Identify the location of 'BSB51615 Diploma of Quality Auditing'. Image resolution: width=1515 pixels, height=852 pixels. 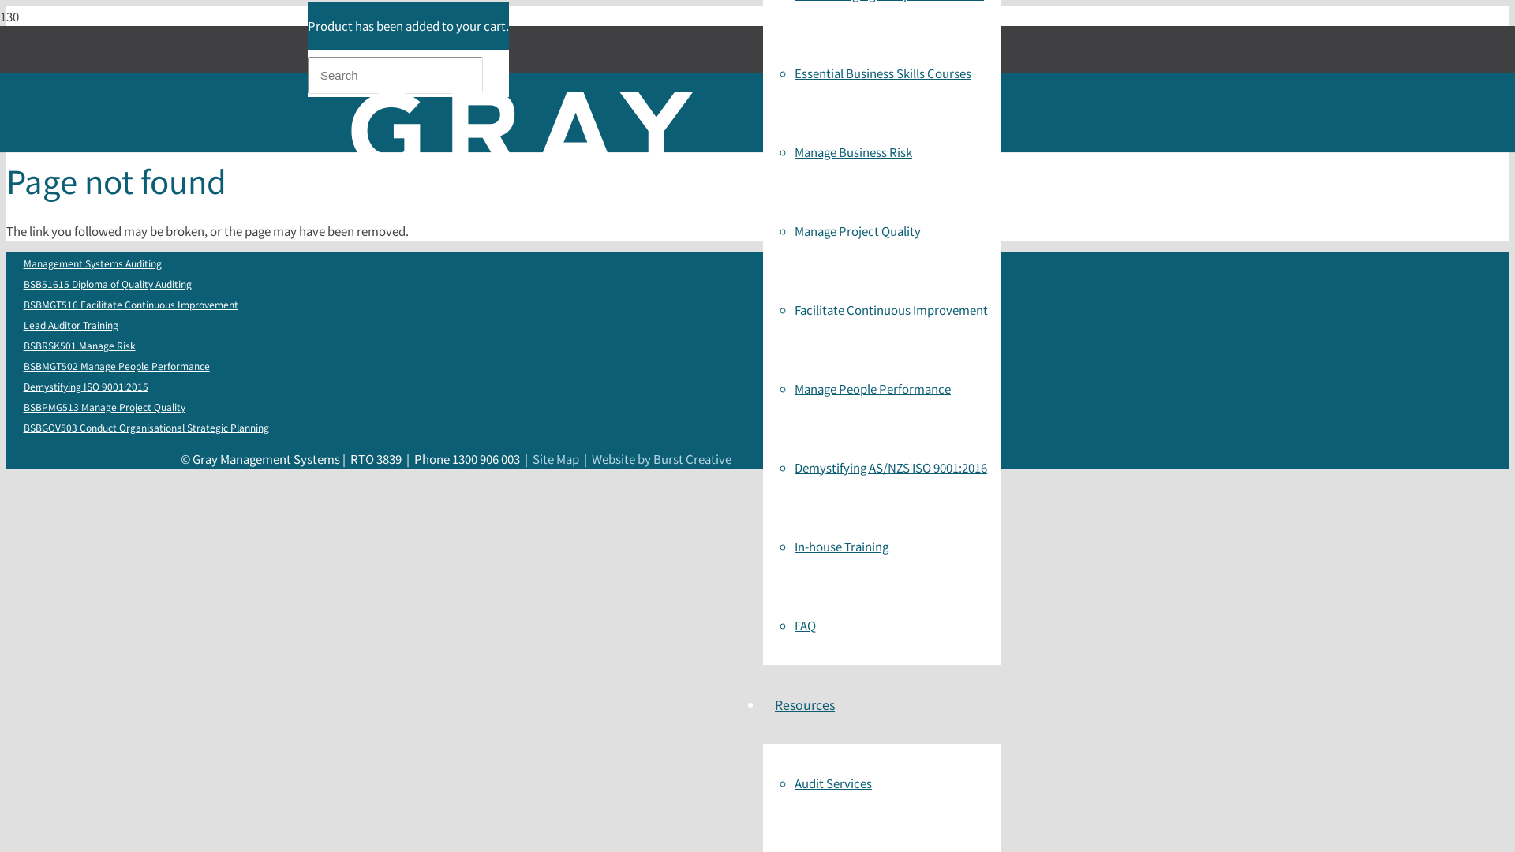
(106, 282).